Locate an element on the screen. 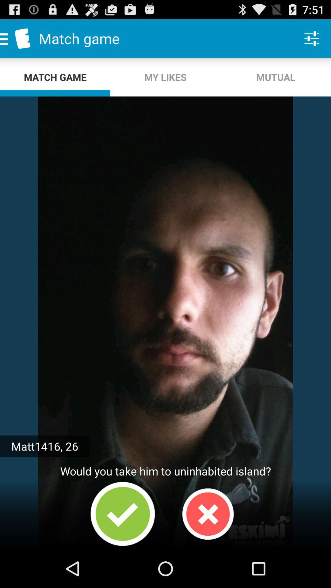 This screenshot has width=331, height=588. the icon below match game item is located at coordinates (165, 77).